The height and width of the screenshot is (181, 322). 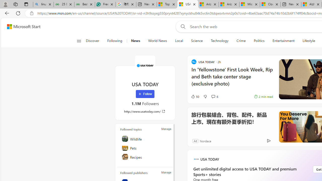 What do you see at coordinates (43, 4) in the screenshot?
I see `'linux basic - Search'` at bounding box center [43, 4].